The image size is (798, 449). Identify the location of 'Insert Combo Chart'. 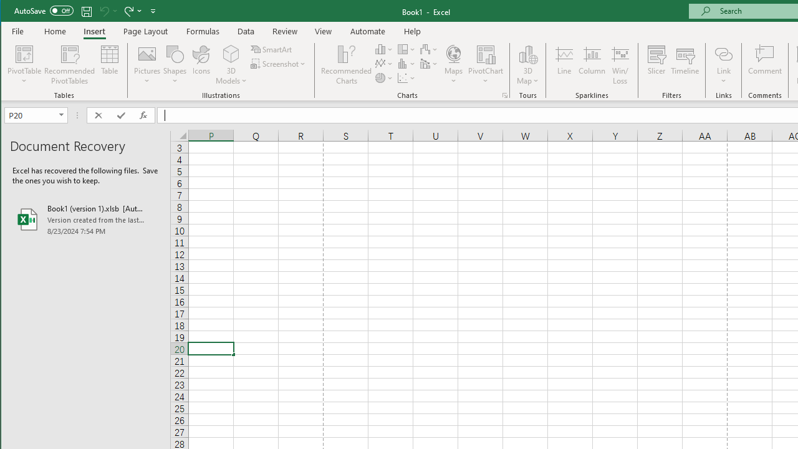
(429, 64).